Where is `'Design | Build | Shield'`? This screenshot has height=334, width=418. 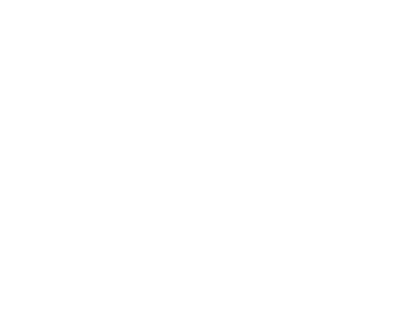
'Design | Build | Shield' is located at coordinates (332, 91).